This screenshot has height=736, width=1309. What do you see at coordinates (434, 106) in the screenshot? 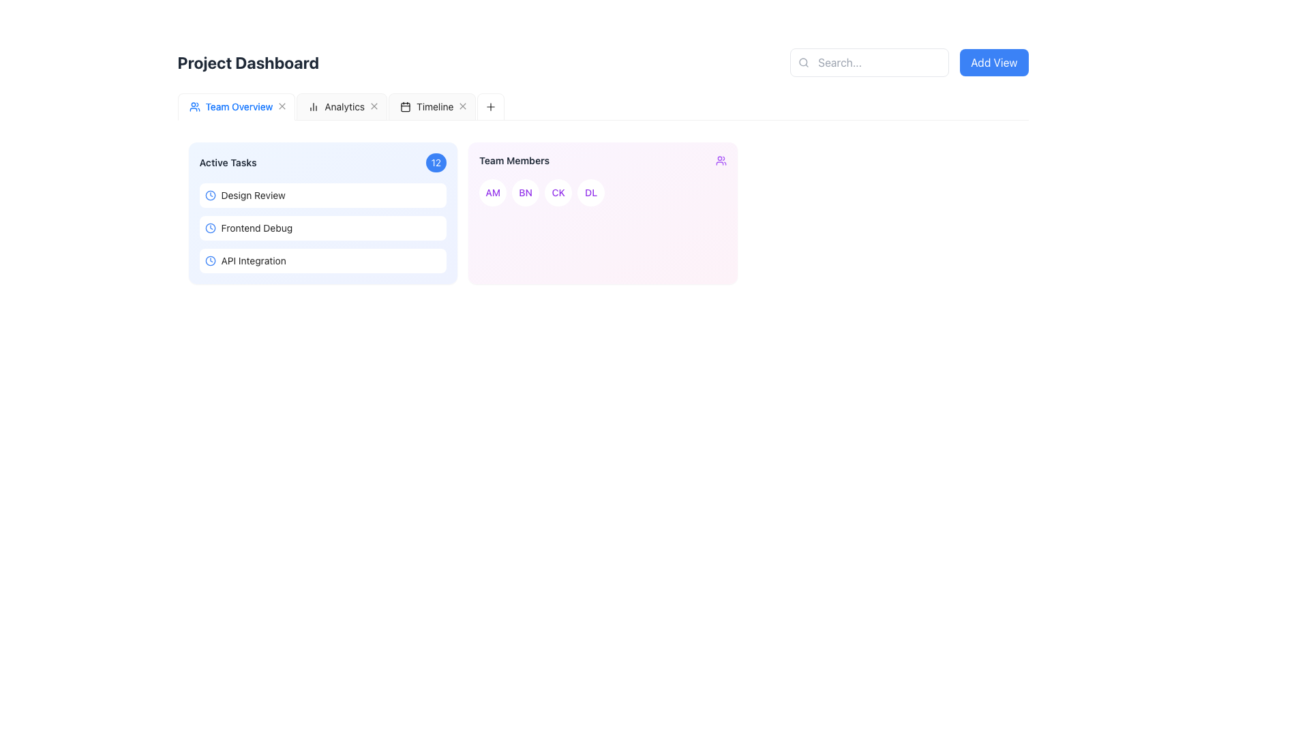
I see `the 'Timeline' tab label in the top navigation panel` at bounding box center [434, 106].